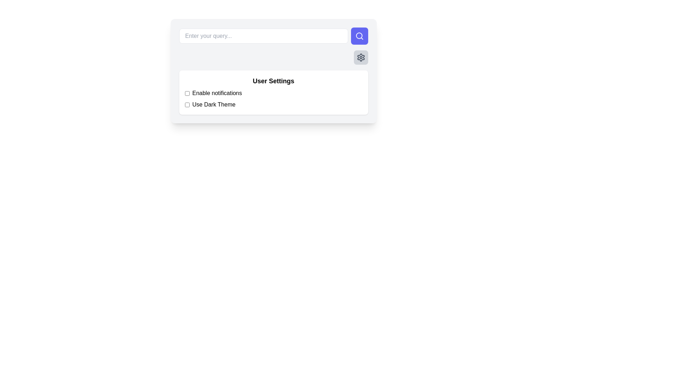 This screenshot has width=687, height=386. Describe the element at coordinates (187, 93) in the screenshot. I see `the checkbox next to 'Enable notifications'` at that location.